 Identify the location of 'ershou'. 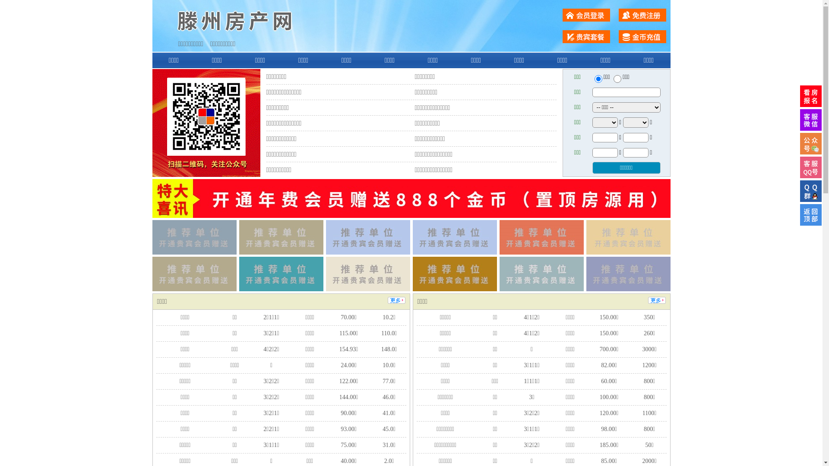
(598, 79).